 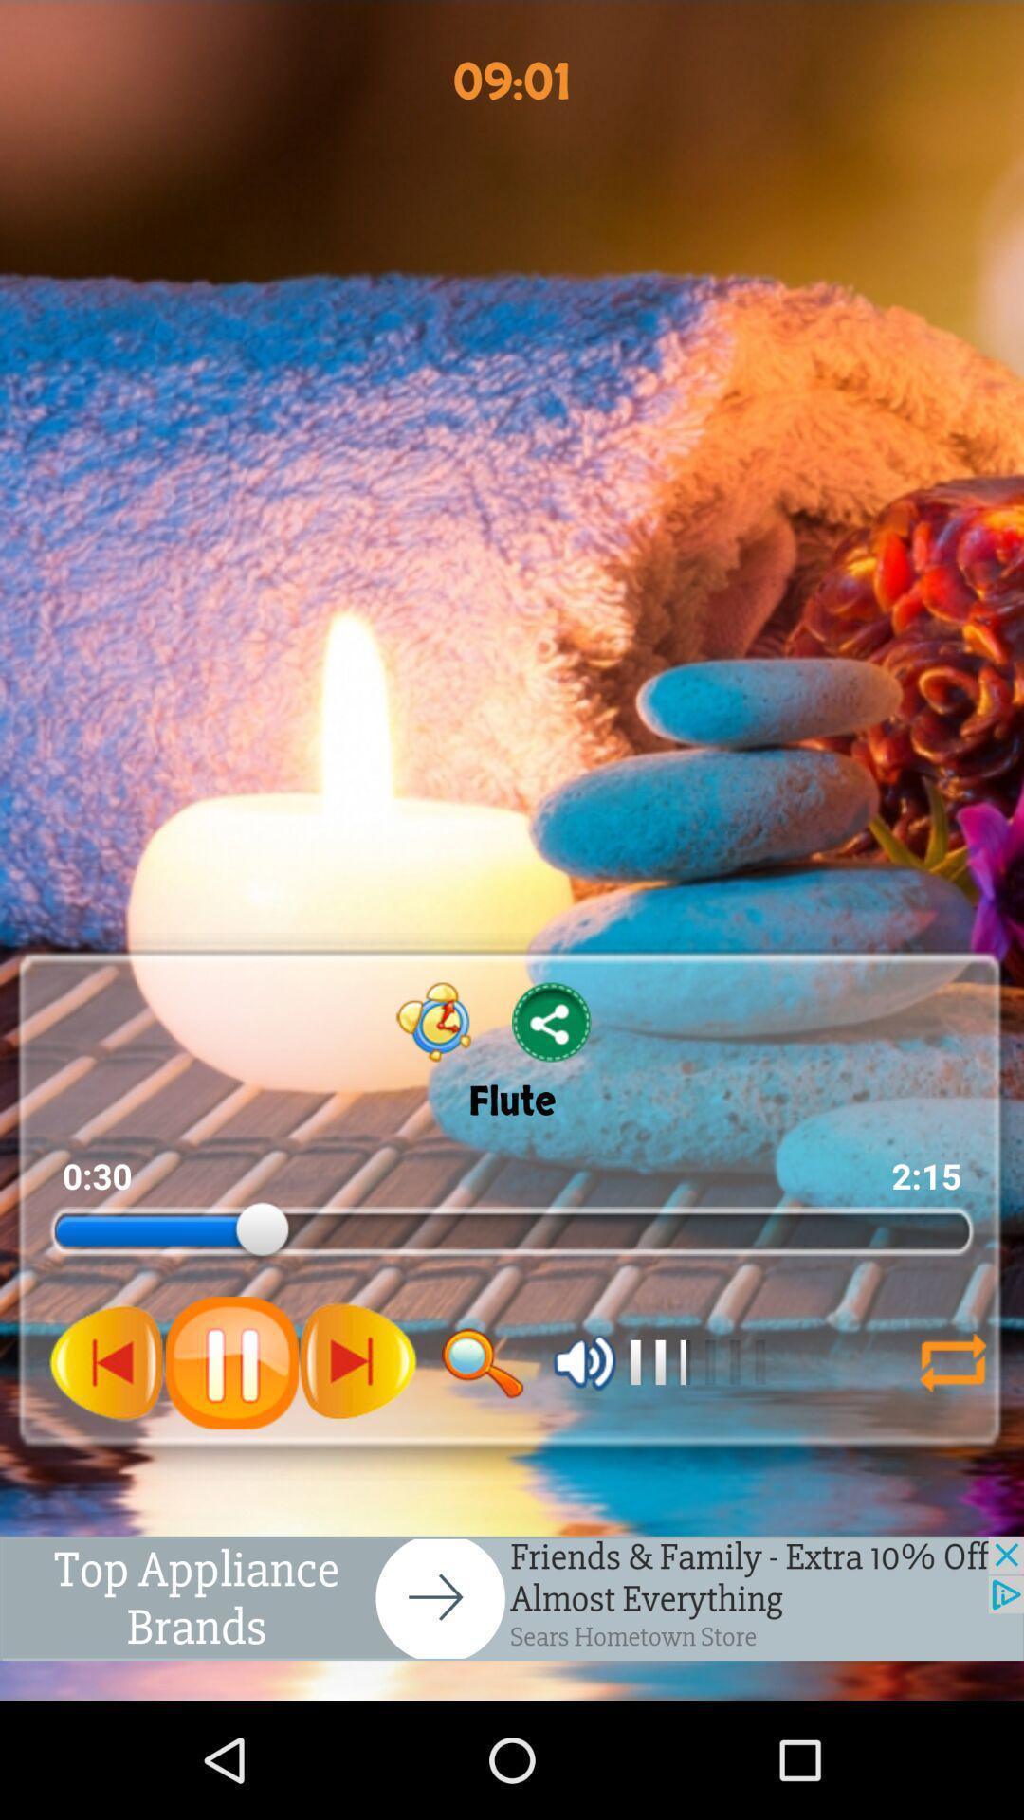 What do you see at coordinates (482, 1362) in the screenshot?
I see `search box` at bounding box center [482, 1362].